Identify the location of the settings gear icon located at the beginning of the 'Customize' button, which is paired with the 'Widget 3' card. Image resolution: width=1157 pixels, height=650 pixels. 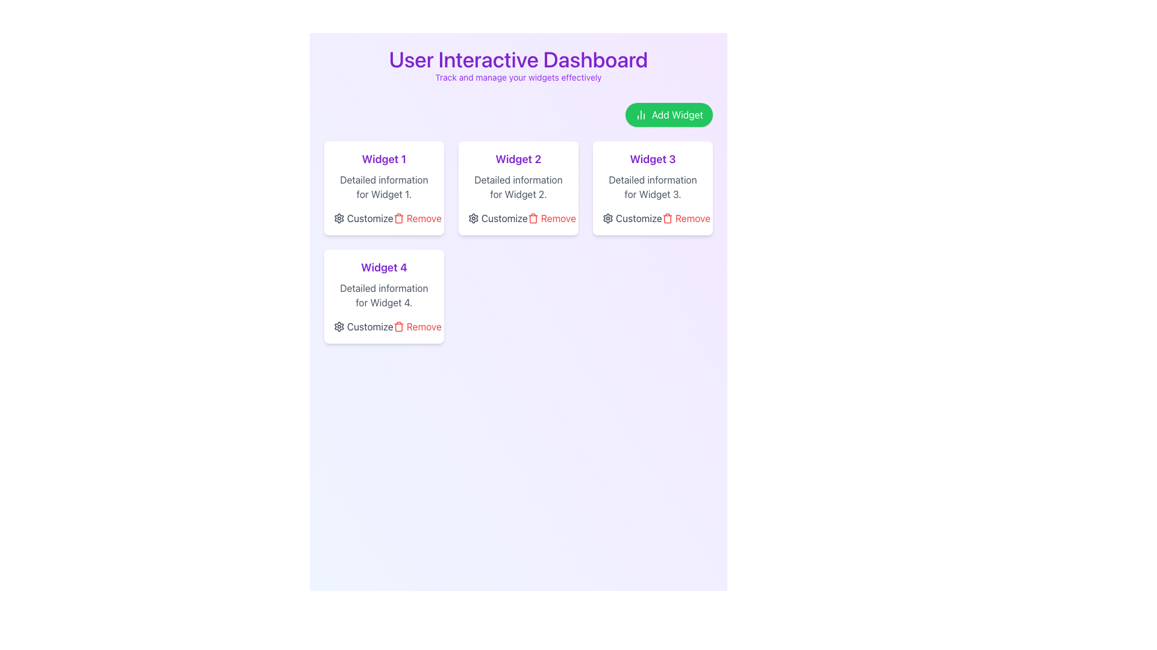
(607, 218).